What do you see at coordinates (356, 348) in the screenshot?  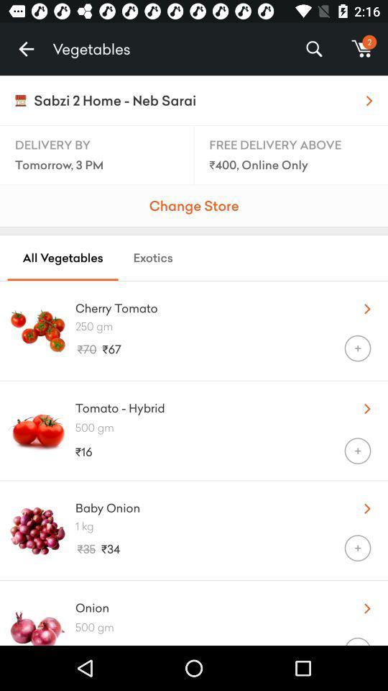 I see `the item below 250 gm icon` at bounding box center [356, 348].